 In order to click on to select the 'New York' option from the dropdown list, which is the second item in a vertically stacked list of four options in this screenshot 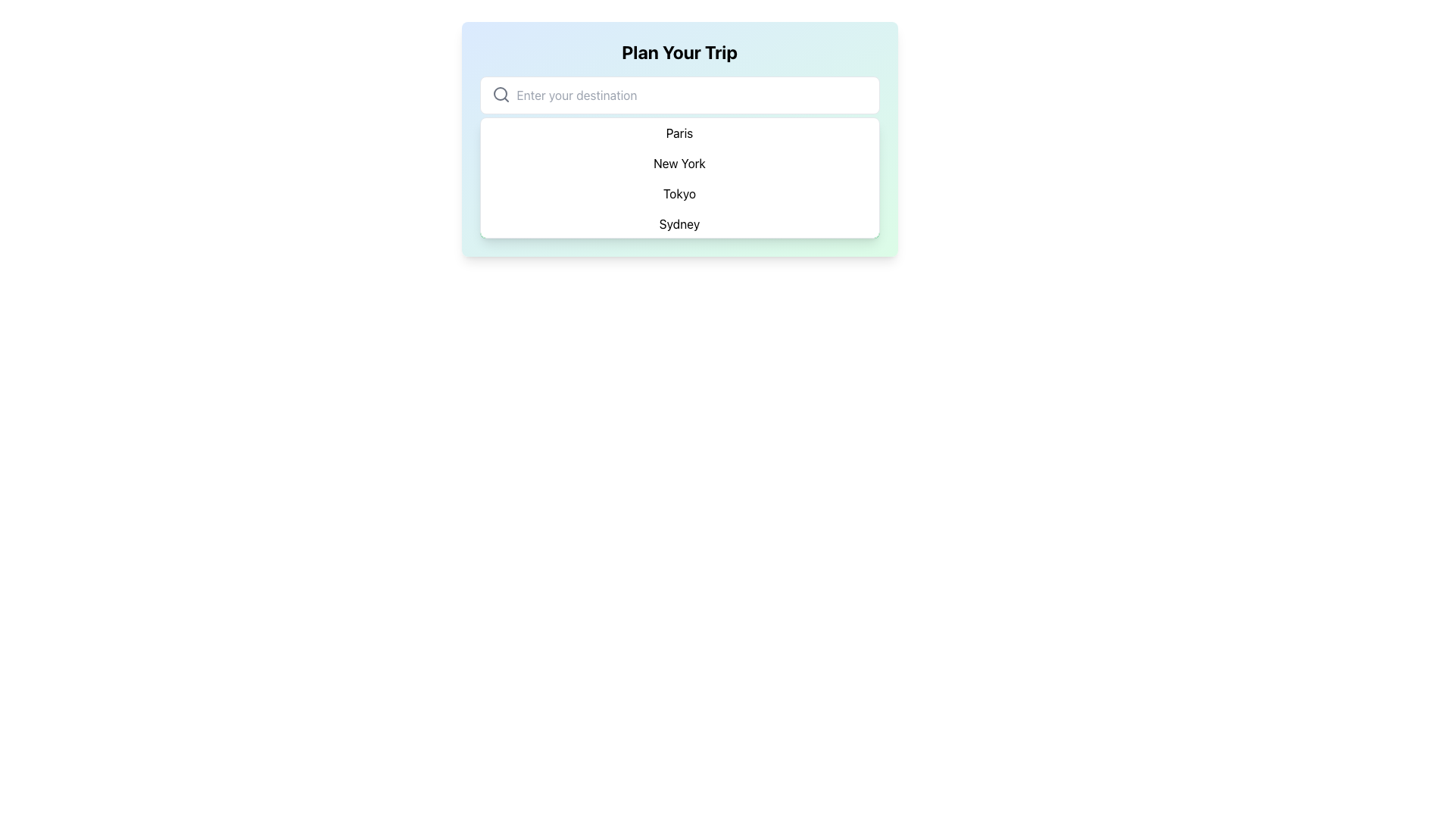, I will do `click(679, 164)`.